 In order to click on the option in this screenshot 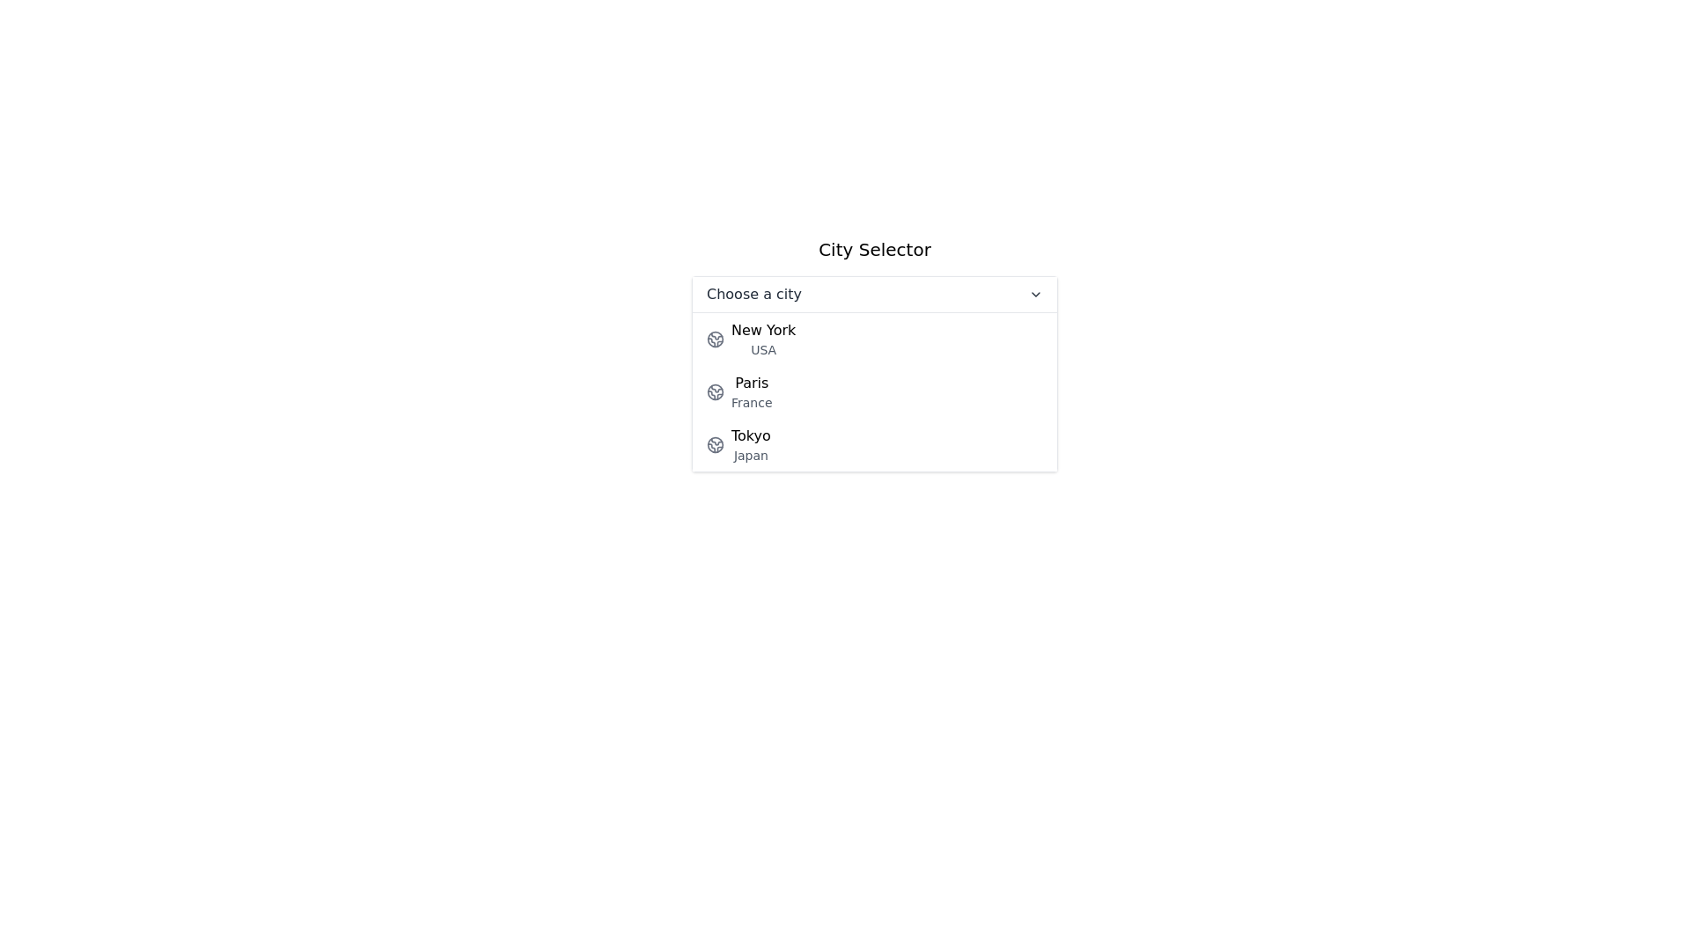, I will do `click(874, 443)`.